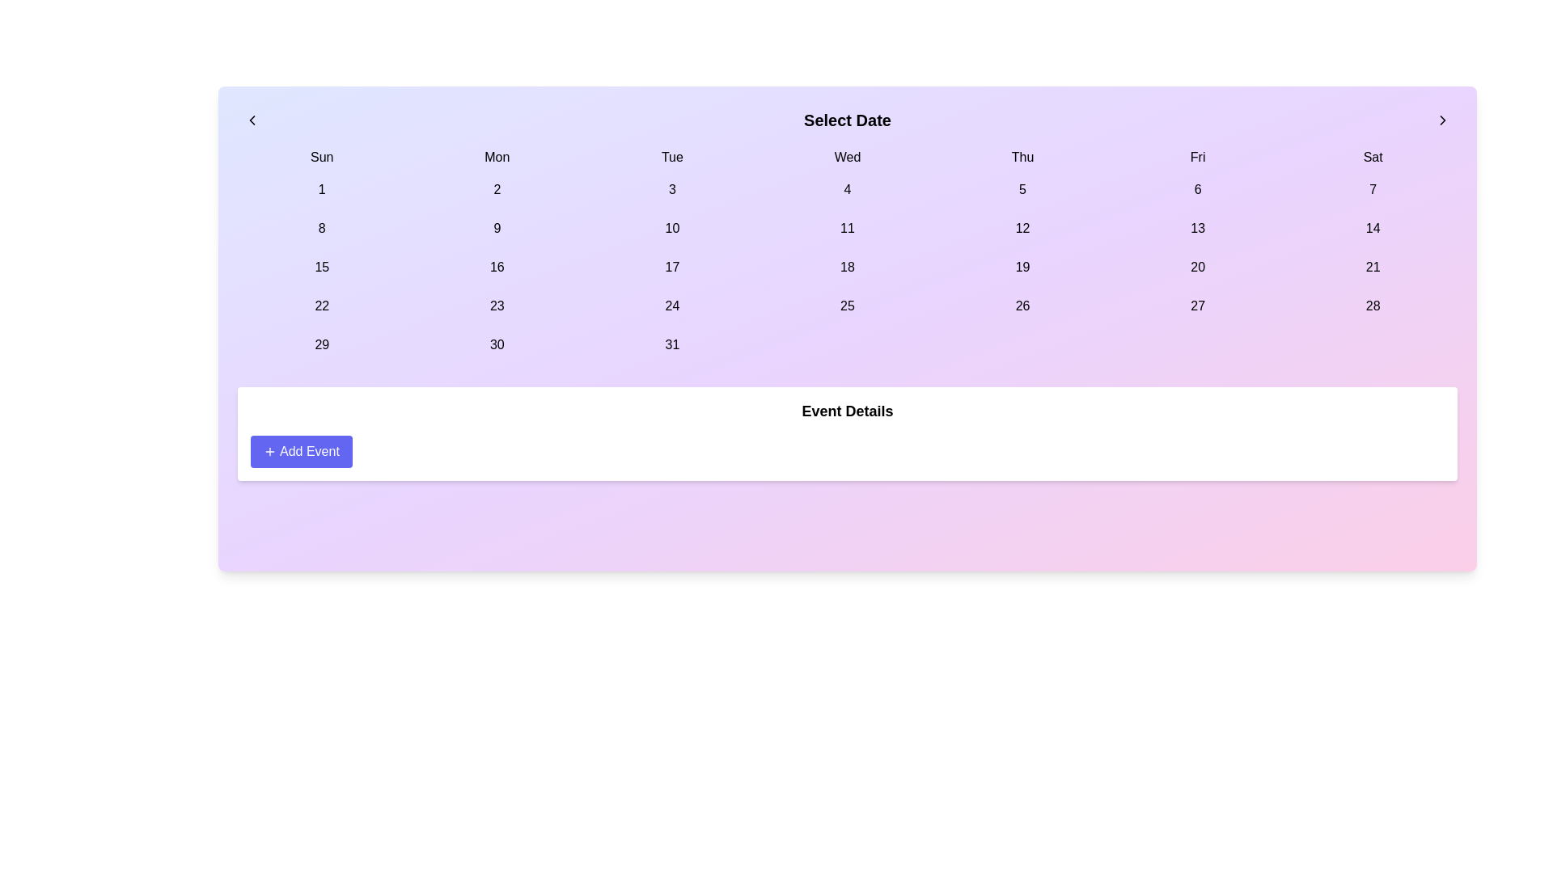 The image size is (1553, 873). What do you see at coordinates (496, 158) in the screenshot?
I see `the Text label for 'Monday' in the calendar interface, located in the second column of the top row` at bounding box center [496, 158].